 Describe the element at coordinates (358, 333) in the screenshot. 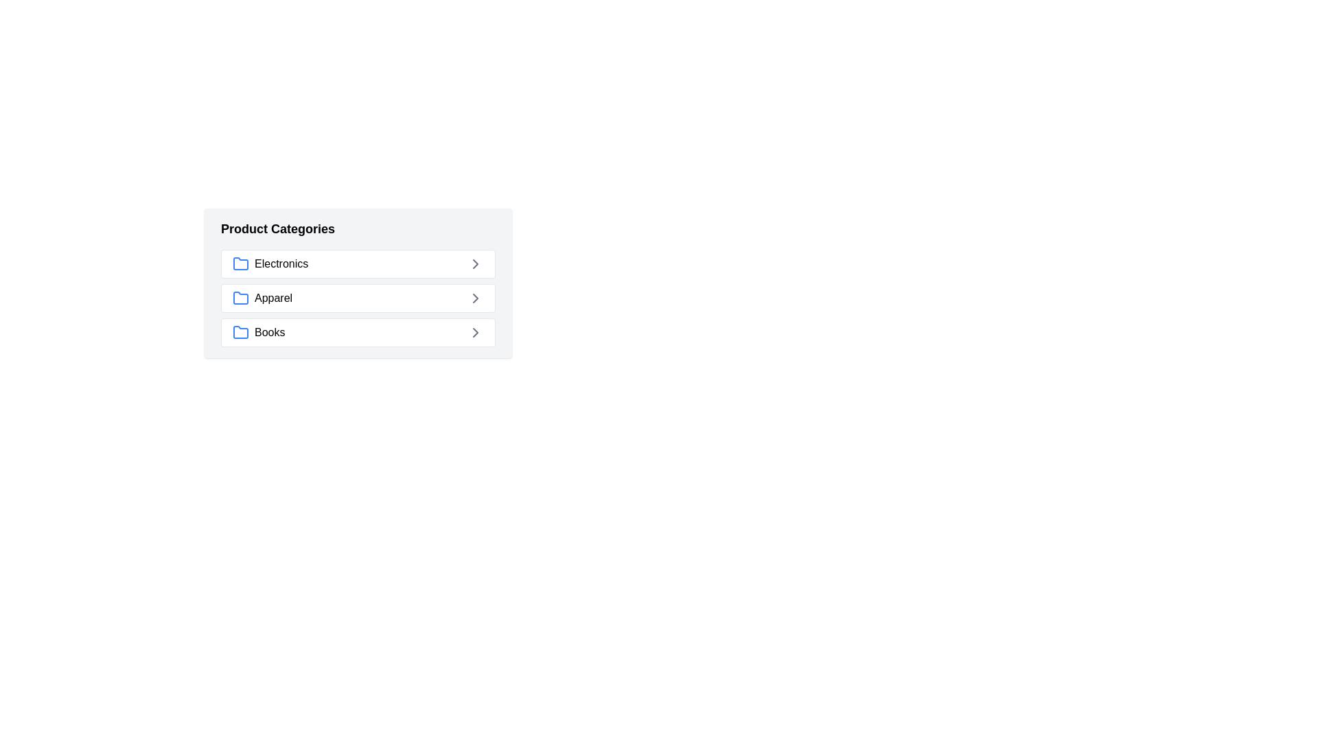

I see `the 'Books' Navigation Button` at that location.